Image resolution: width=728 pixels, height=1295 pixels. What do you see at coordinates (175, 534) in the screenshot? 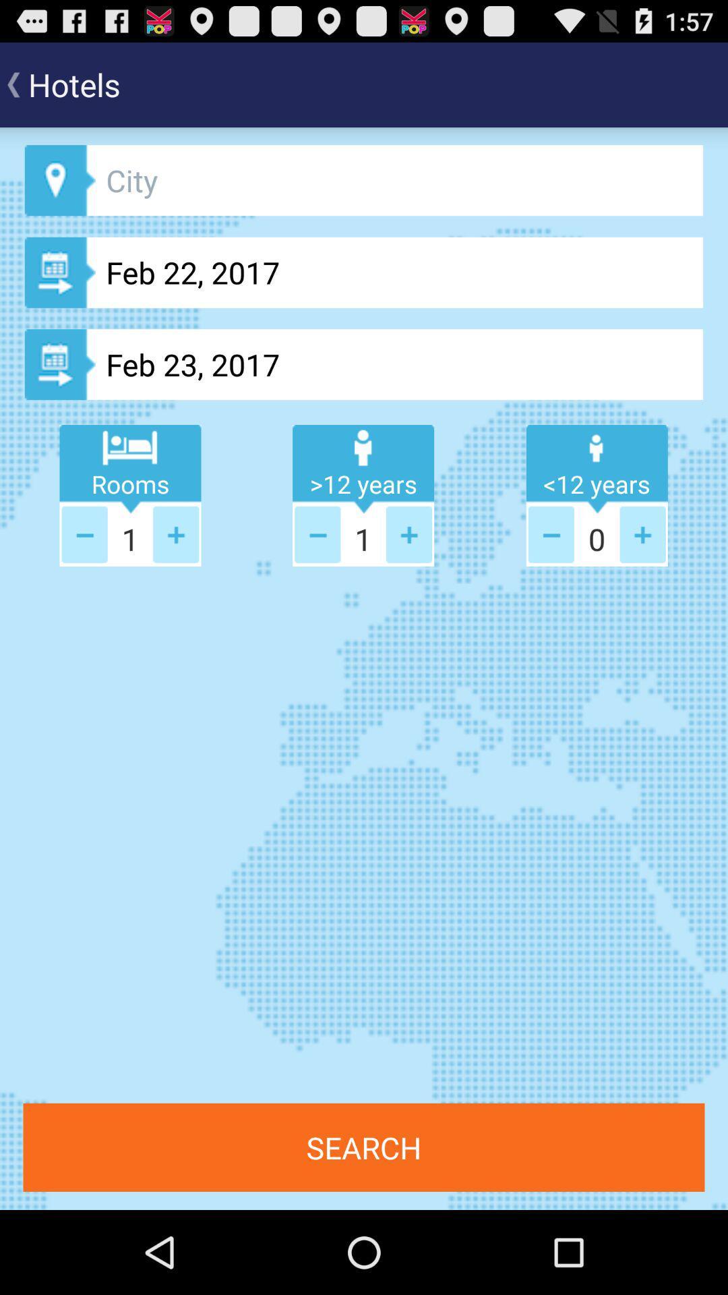
I see `zoom` at bounding box center [175, 534].